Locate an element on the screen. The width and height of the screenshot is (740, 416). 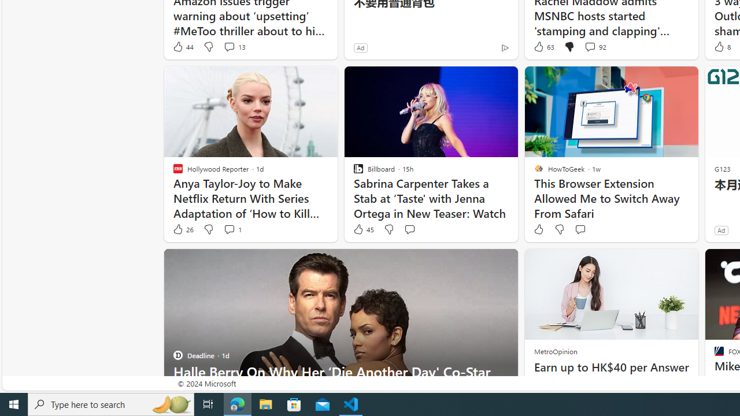
'View comments 1 Comment' is located at coordinates (231, 229).